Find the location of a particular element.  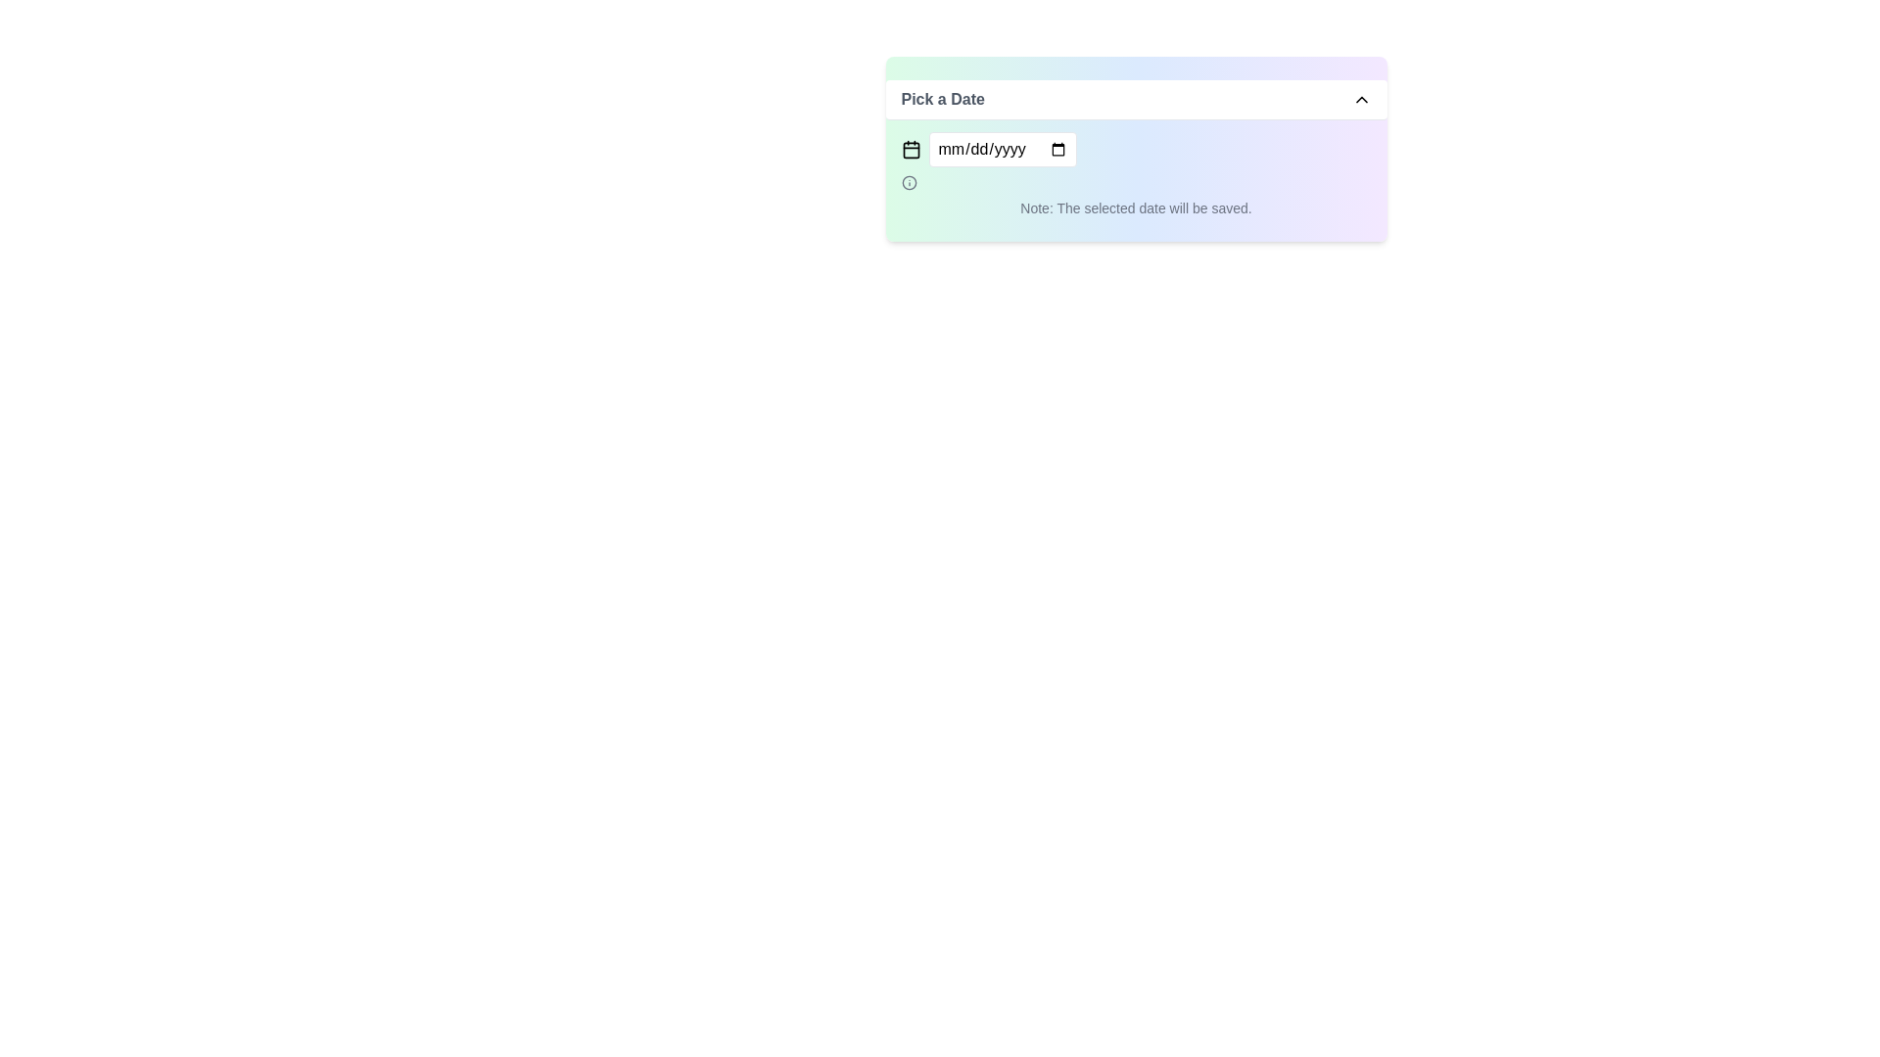

the calendar icon located to the immediate left of the 'mm/dd/yyyy' date input field is located at coordinates (910, 149).